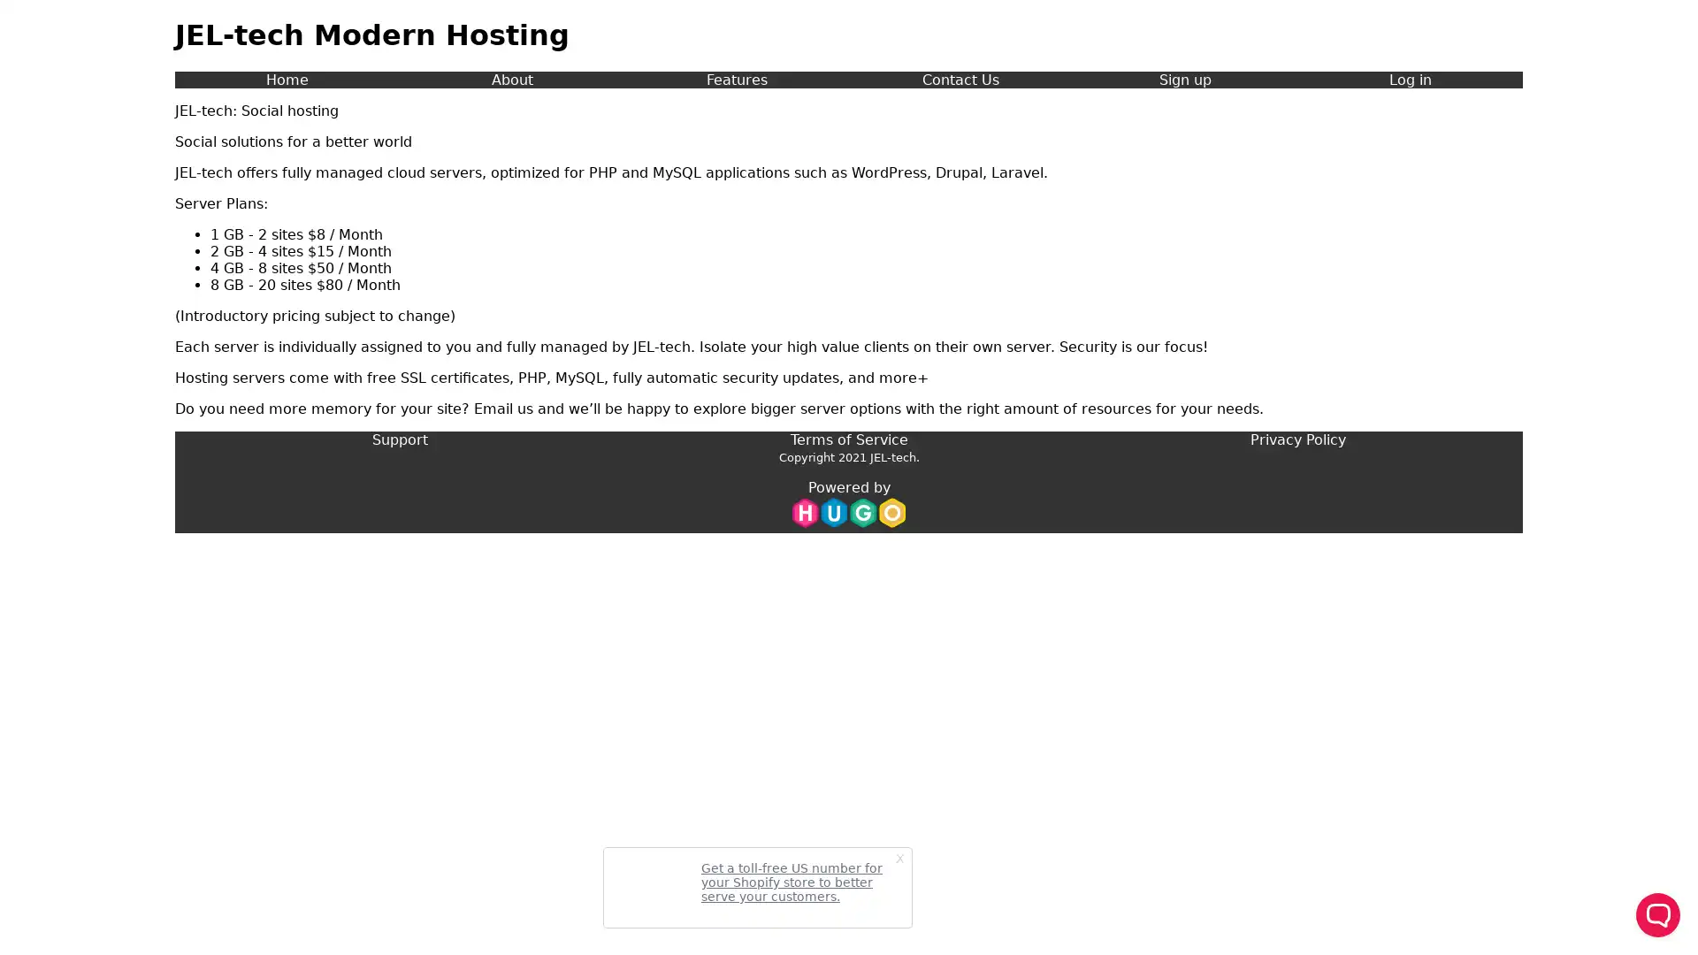  I want to click on Open chat widget, so click(1657, 914).